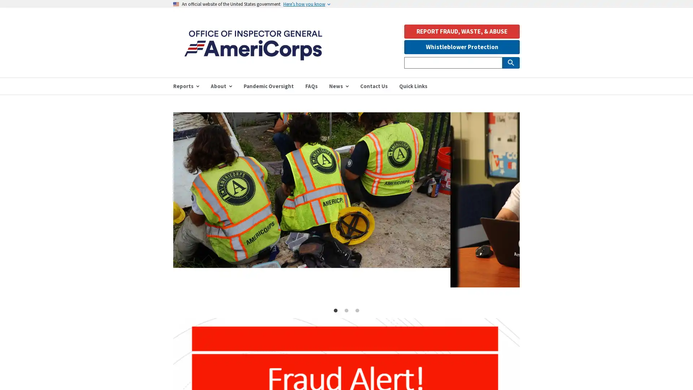  Describe the element at coordinates (304, 4) in the screenshot. I see `Heres how you know` at that location.